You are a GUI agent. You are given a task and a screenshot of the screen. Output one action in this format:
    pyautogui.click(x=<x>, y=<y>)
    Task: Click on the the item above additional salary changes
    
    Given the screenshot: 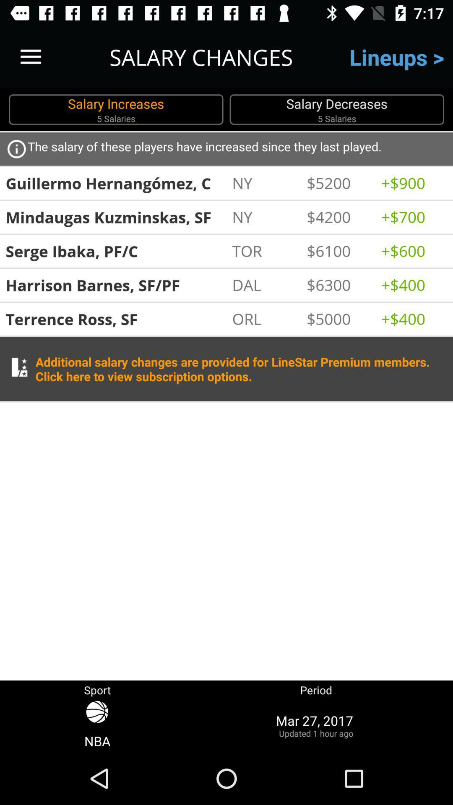 What is the action you would take?
    pyautogui.click(x=265, y=318)
    